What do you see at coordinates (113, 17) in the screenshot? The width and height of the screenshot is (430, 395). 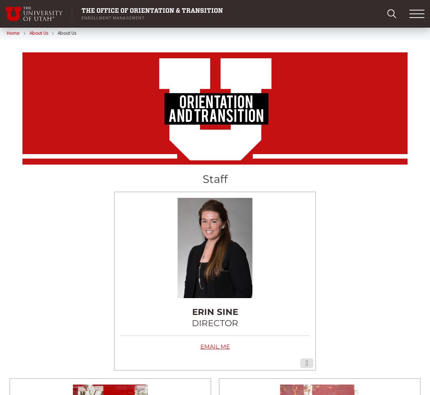 I see `'Enrollment Management'` at bounding box center [113, 17].